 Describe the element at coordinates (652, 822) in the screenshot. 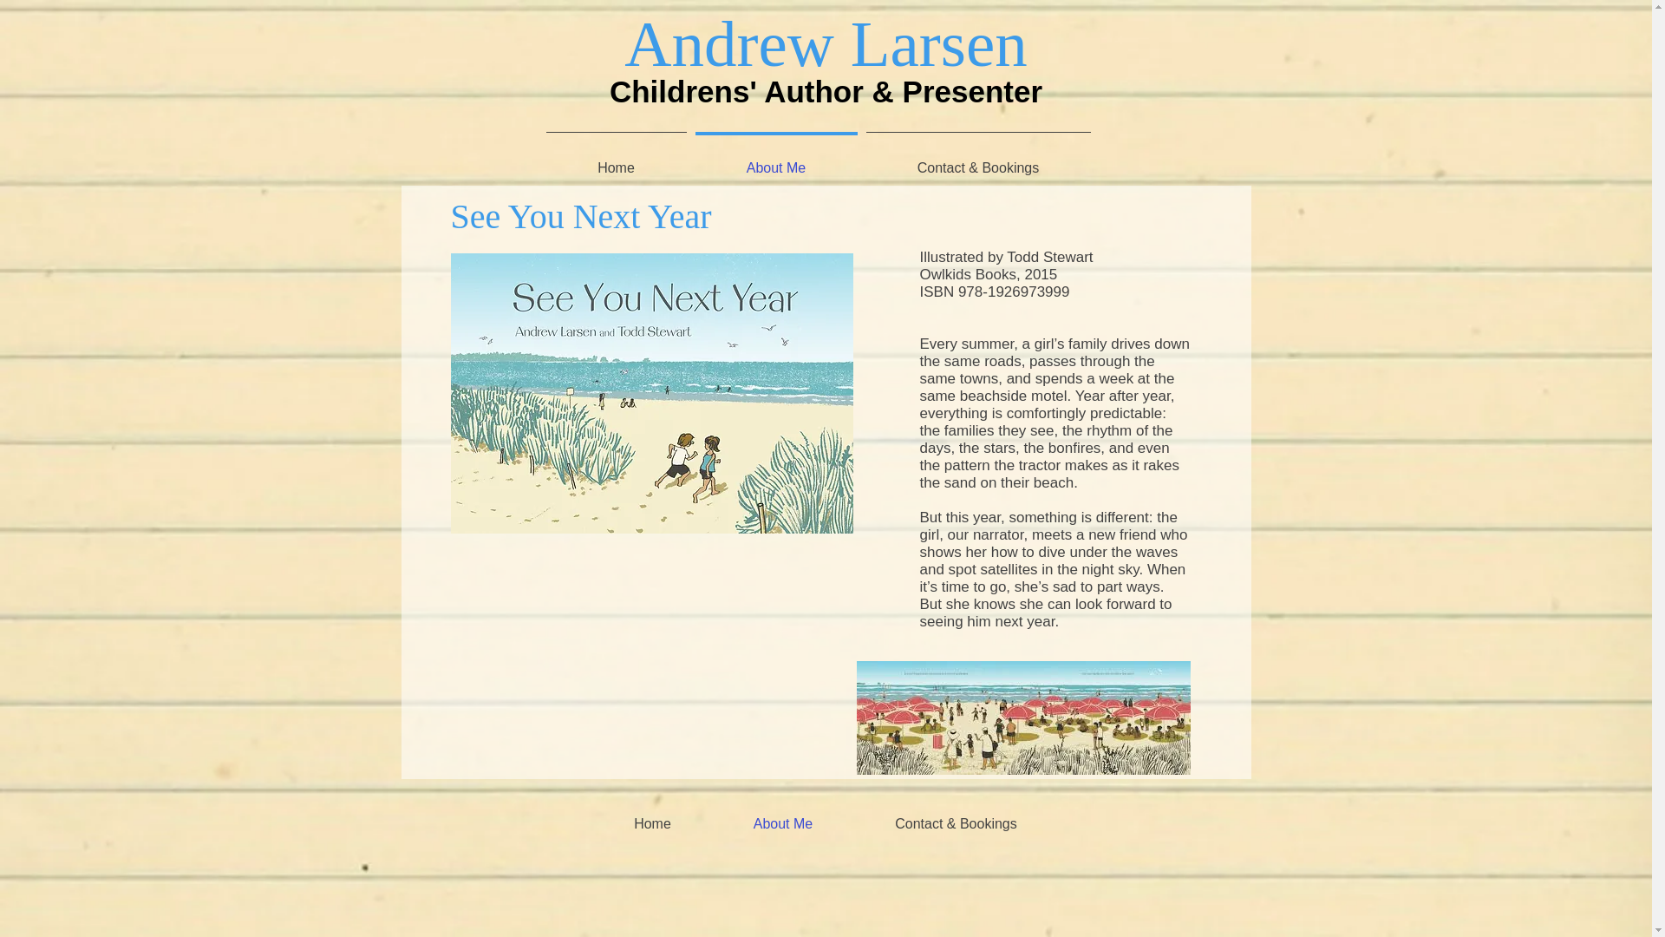

I see `'Home'` at that location.